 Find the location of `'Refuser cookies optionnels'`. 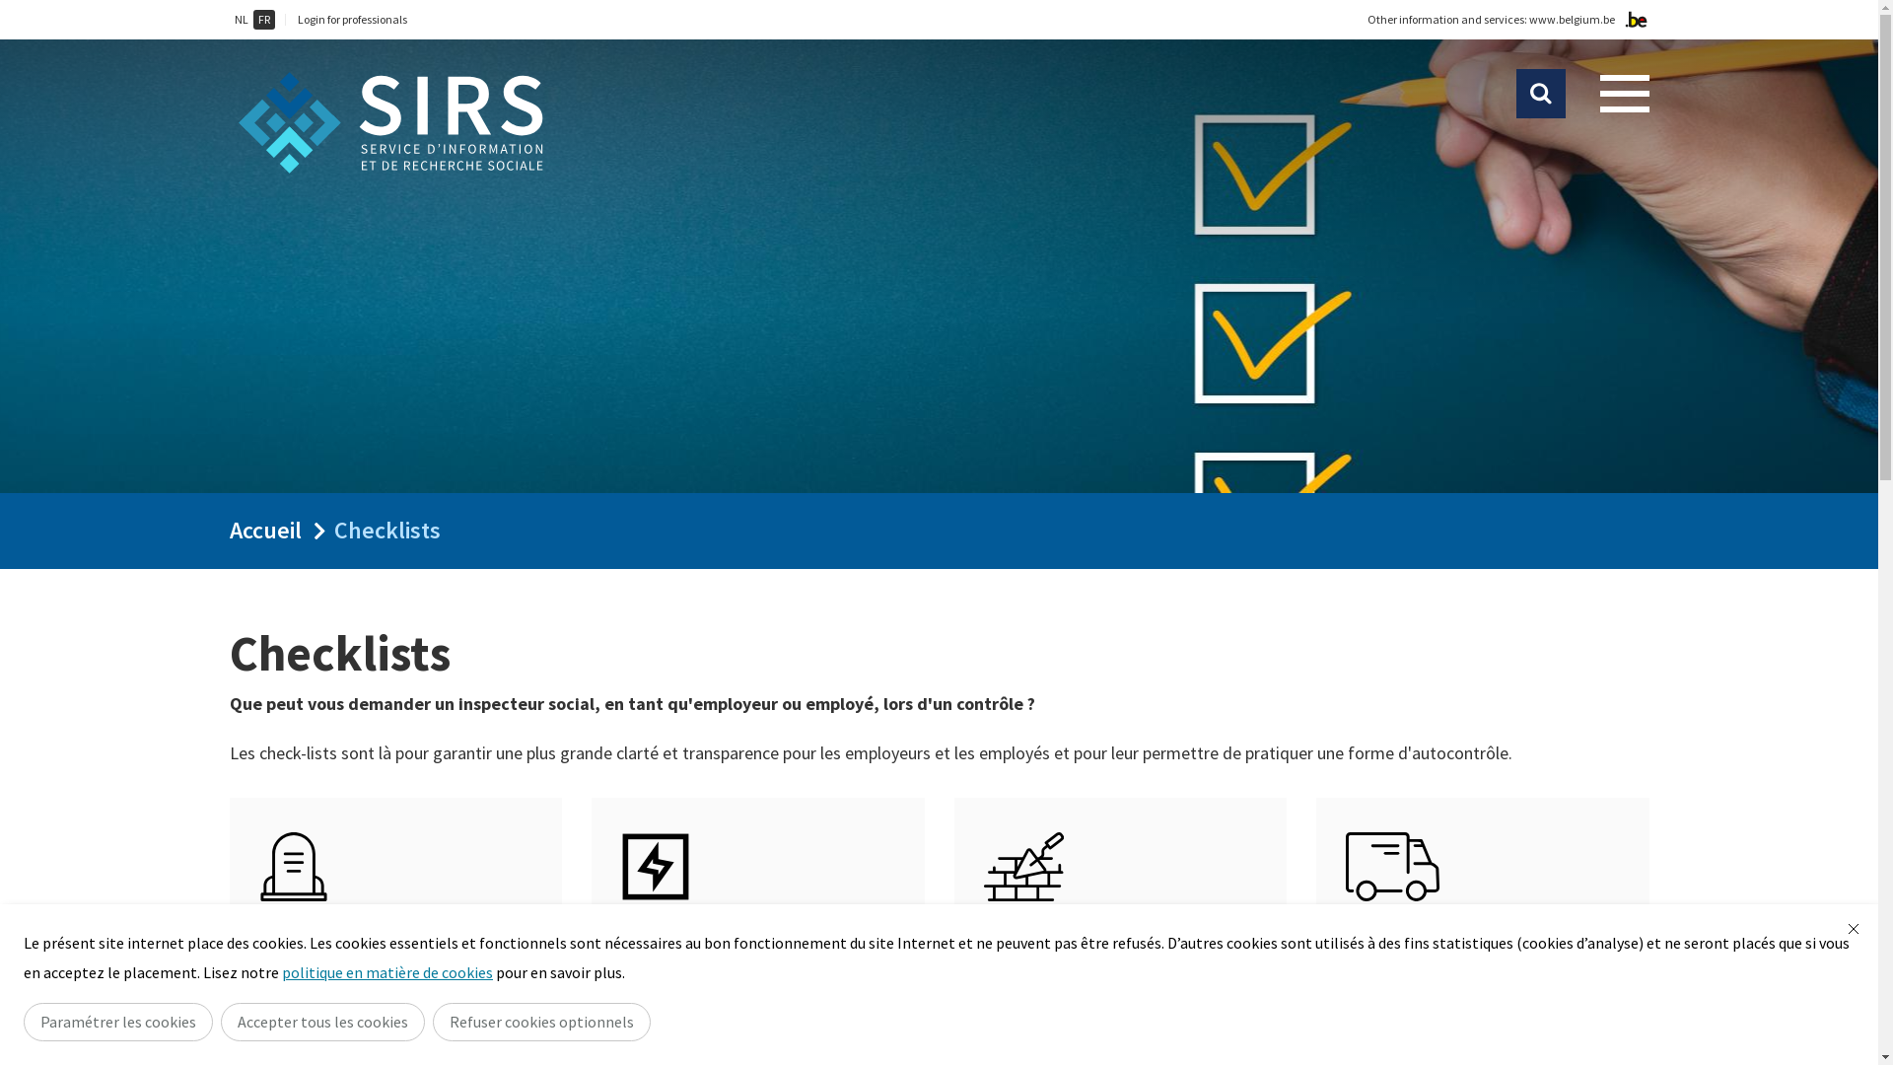

'Refuser cookies optionnels' is located at coordinates (541, 1021).